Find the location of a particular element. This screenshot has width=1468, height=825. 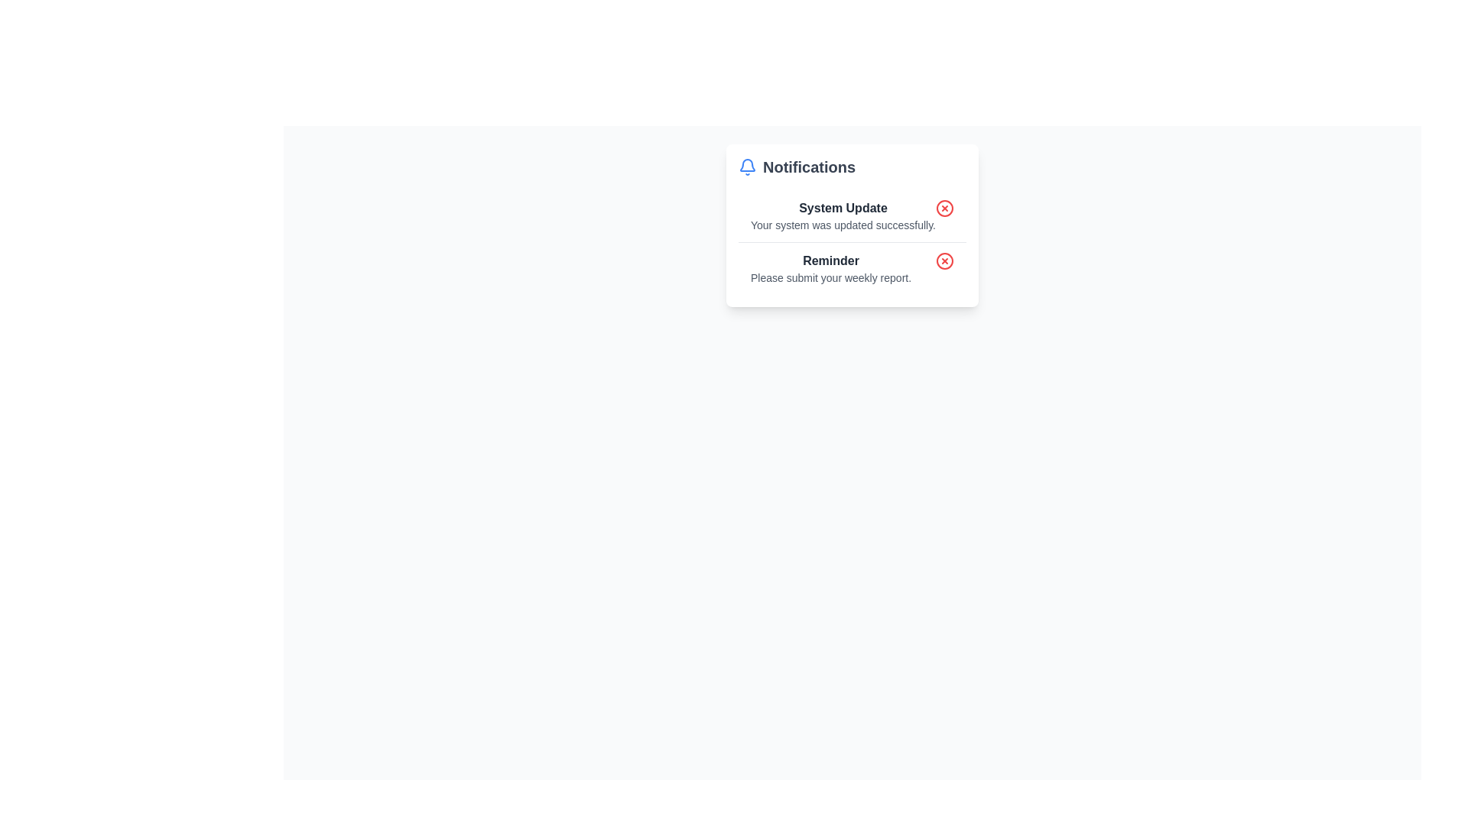

the notification entry titled 'System Update' which indicates that 'Your system was updated successfully.' is located at coordinates (851, 215).